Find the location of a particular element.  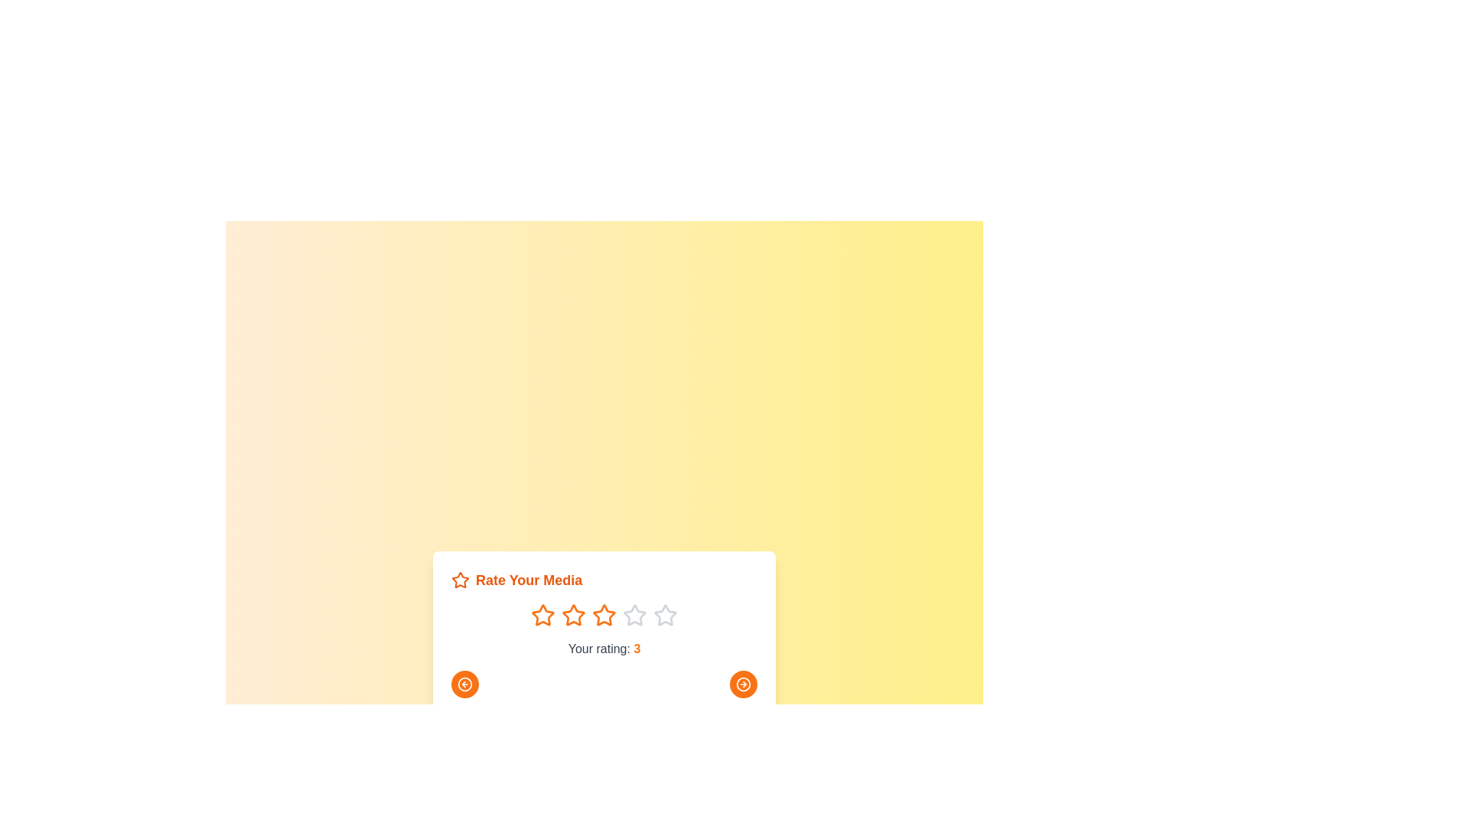

the star corresponding to the rating 1 is located at coordinates (543, 615).